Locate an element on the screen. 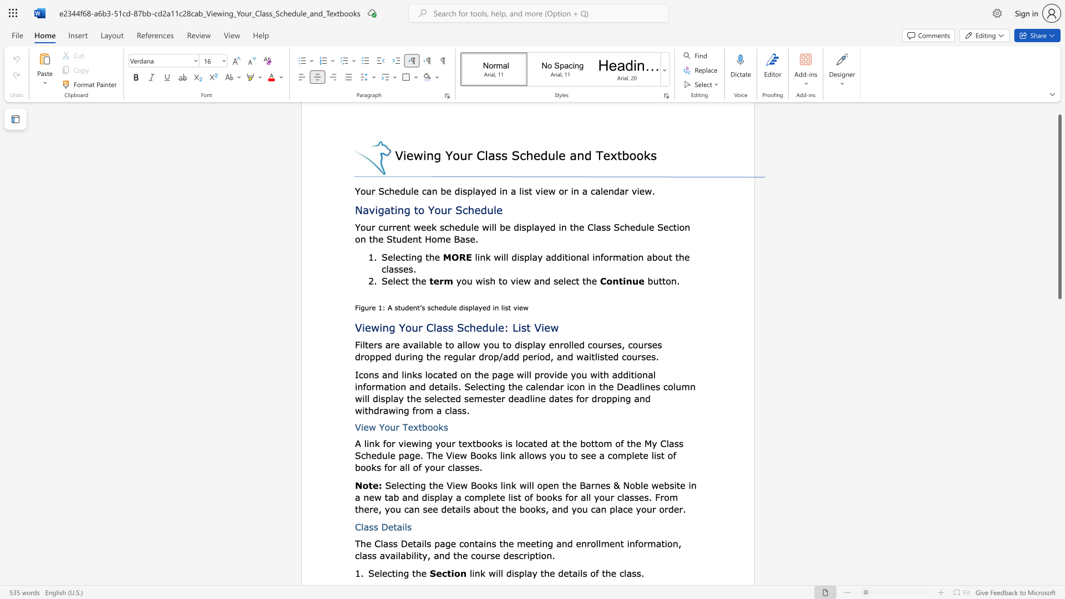 The width and height of the screenshot is (1065, 599). the scrollbar and move up 40 pixels is located at coordinates (1059, 207).